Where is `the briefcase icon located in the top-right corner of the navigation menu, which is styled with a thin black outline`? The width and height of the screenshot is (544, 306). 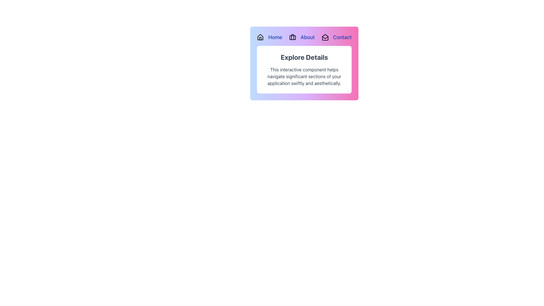
the briefcase icon located in the top-right corner of the navigation menu, which is styled with a thin black outline is located at coordinates (292, 37).